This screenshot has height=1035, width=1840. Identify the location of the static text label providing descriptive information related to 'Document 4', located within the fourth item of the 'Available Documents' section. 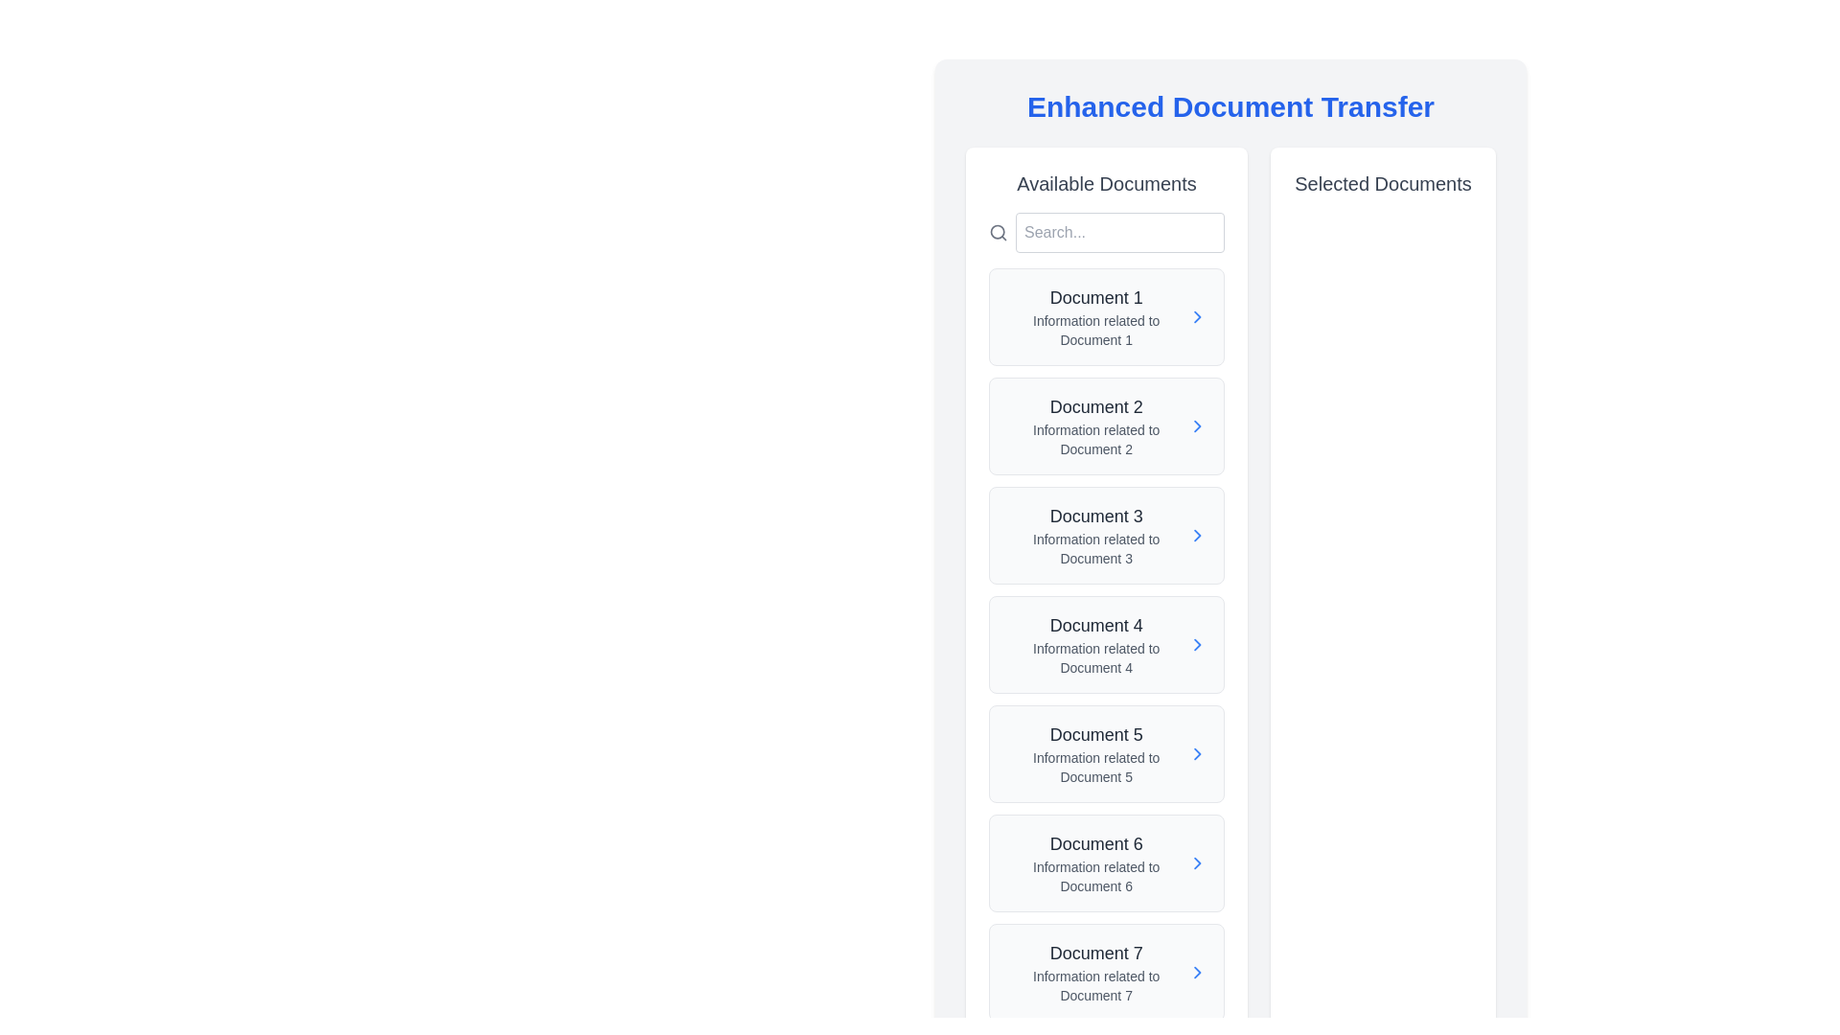
(1096, 656).